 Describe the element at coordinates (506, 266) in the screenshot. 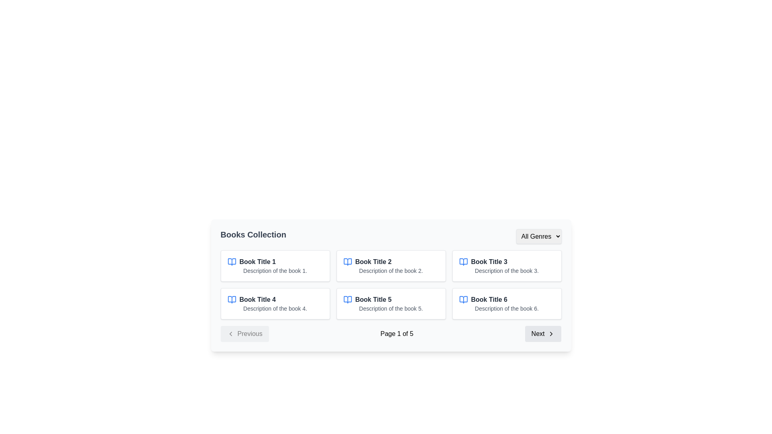

I see `the book summary card located in the first row, third column of the 'Books Collection' grid` at that location.